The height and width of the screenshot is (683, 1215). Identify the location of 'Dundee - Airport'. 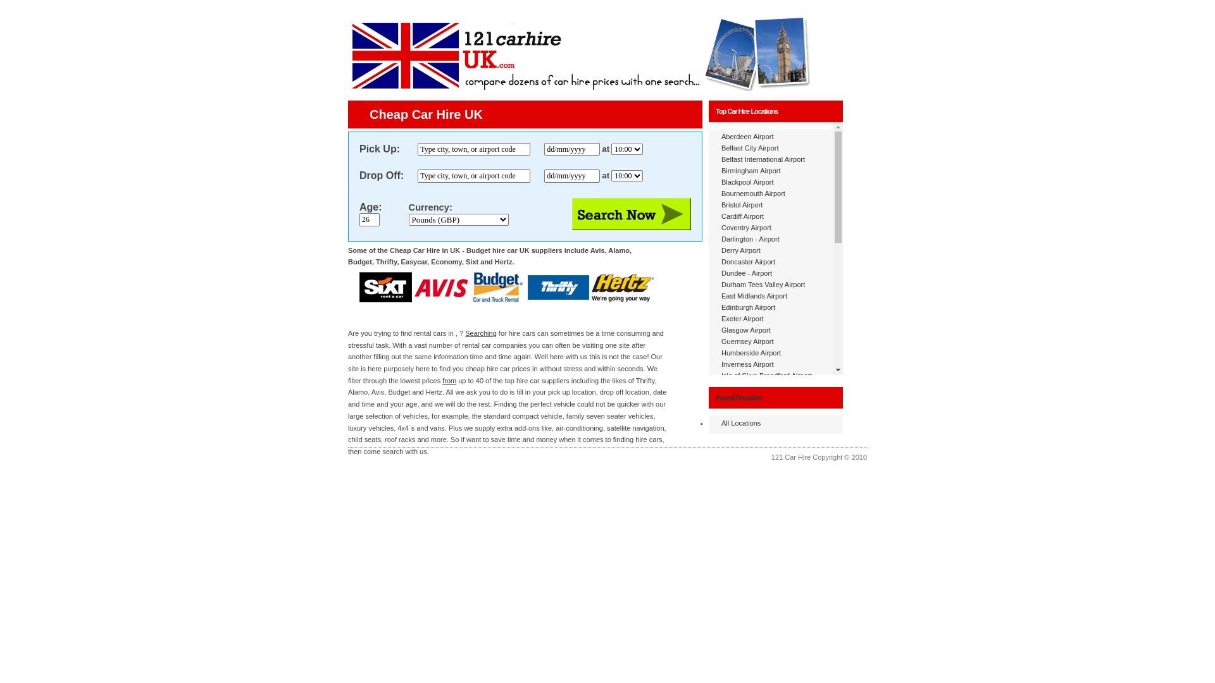
(721, 273).